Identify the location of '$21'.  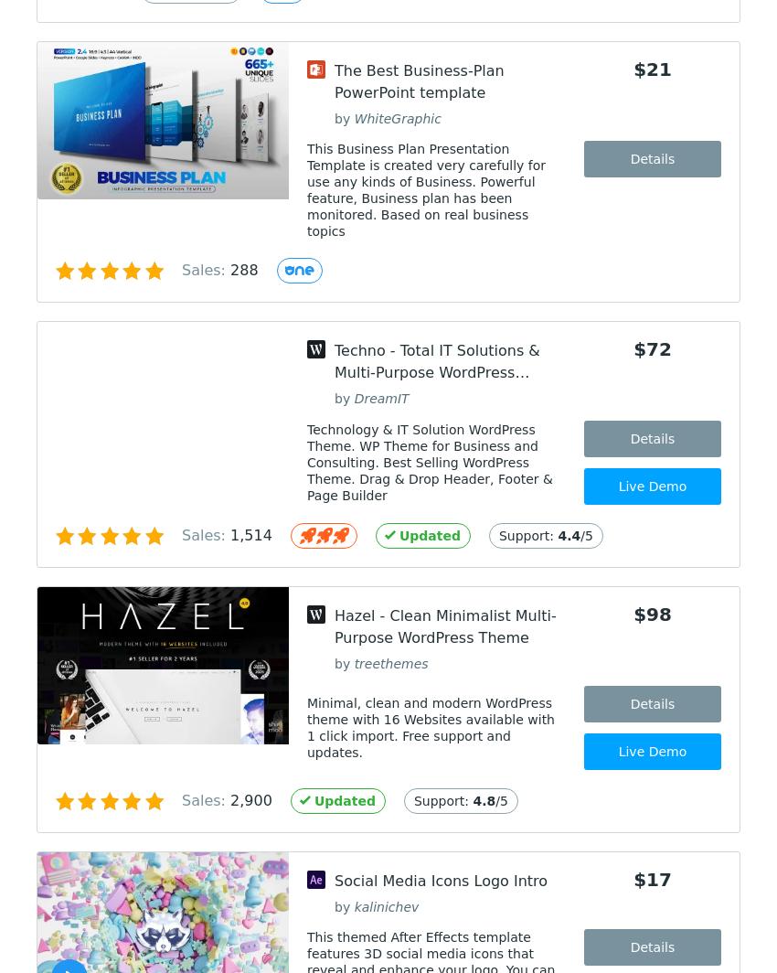
(651, 69).